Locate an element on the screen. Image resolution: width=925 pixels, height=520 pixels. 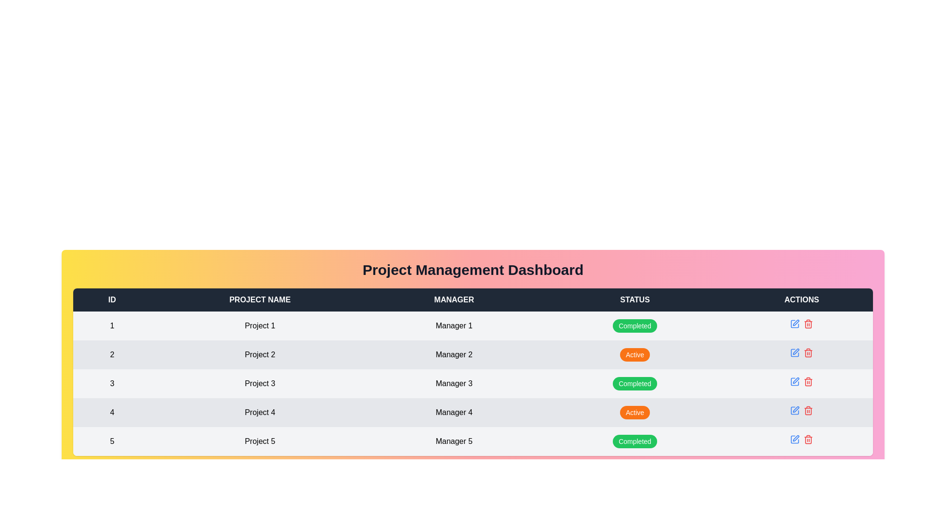
the main body of the trash bin vector graphic located in the 'Actions' column next to the fifth row of the project list is located at coordinates (808, 353).